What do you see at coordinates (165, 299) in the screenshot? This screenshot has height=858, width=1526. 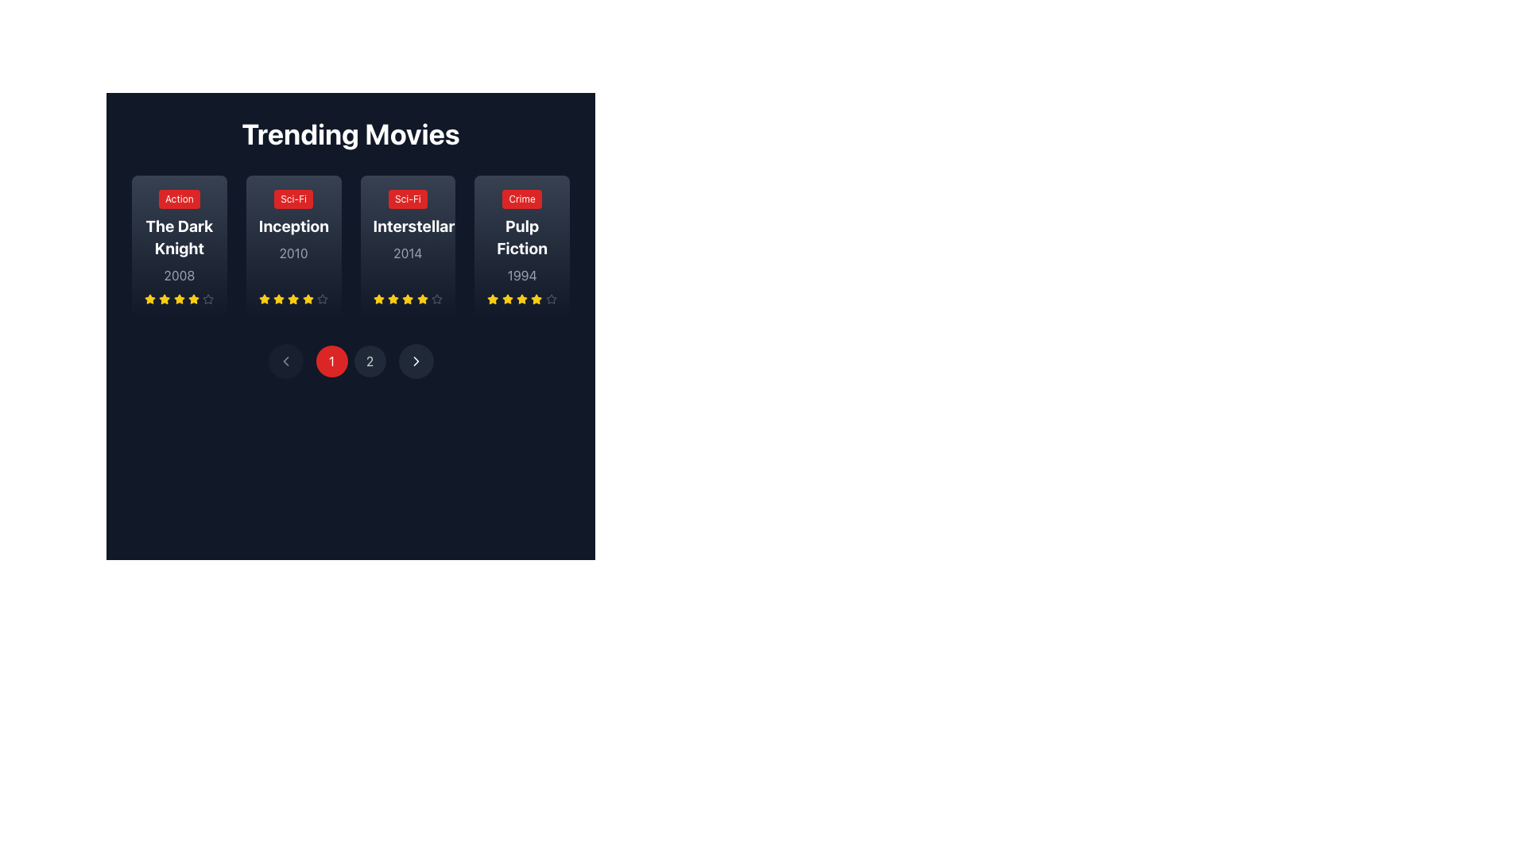 I see `the first rating star icon for 'The Dark Knight' movie, which is a vibrant yellow star-shaped icon located in the bottom section of the rating component` at bounding box center [165, 299].